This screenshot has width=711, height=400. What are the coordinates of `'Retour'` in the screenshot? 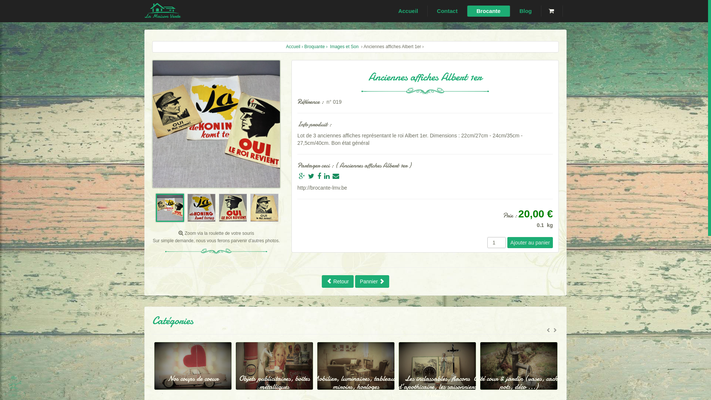 It's located at (337, 281).